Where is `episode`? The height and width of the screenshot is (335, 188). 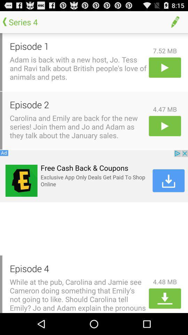
episode is located at coordinates (164, 126).